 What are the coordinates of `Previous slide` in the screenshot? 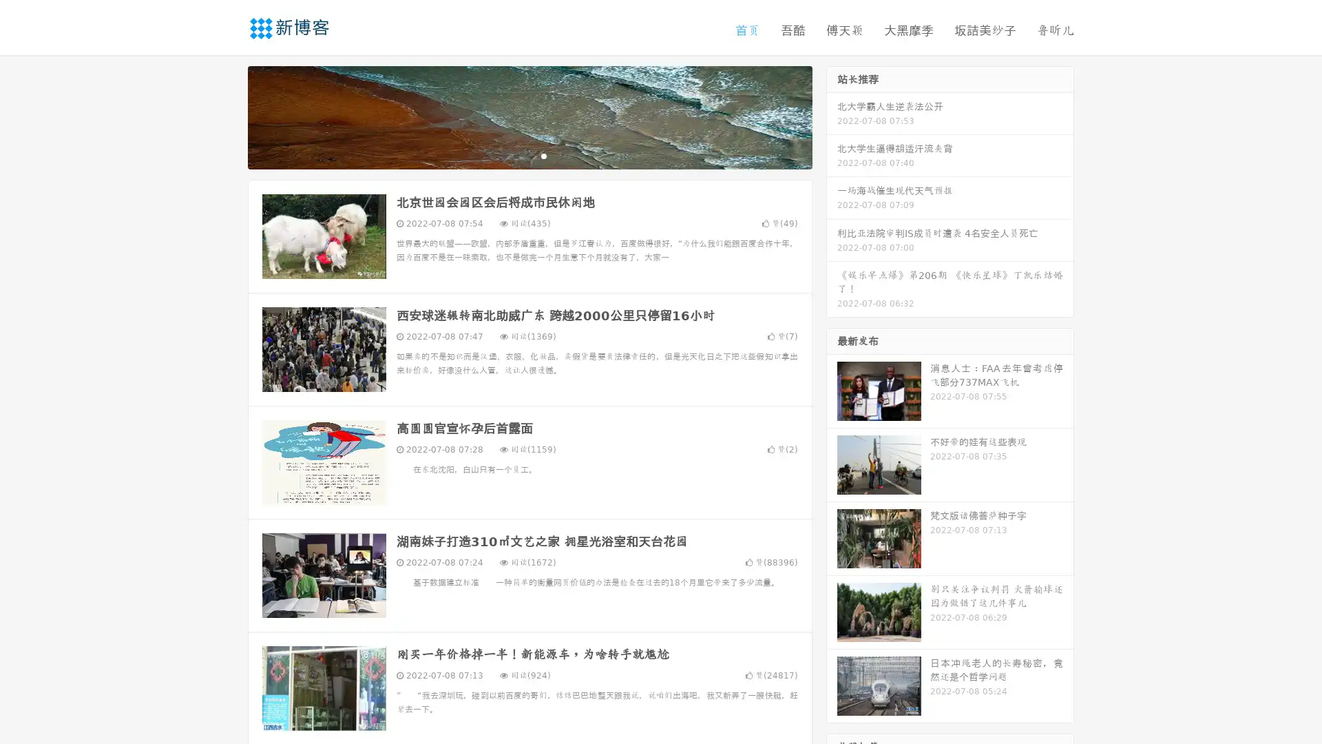 It's located at (227, 116).